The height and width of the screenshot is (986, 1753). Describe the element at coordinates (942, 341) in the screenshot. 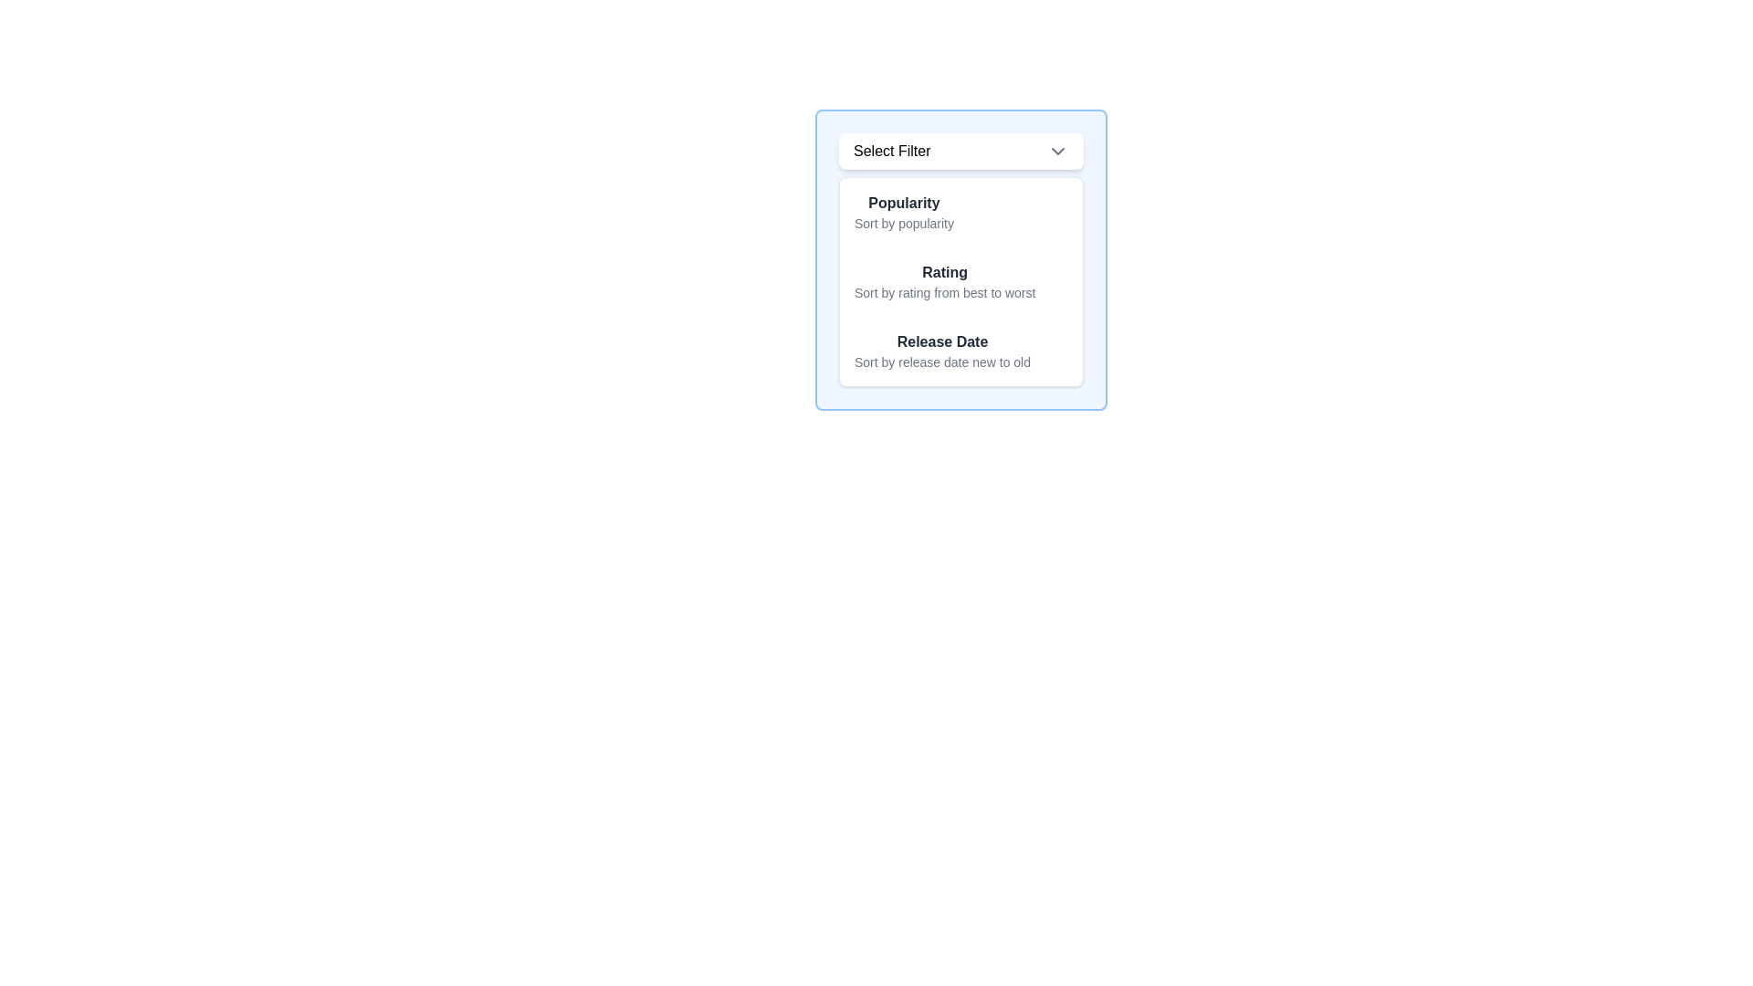

I see `the static text label that acts as a sorting option for 'Sort by release date new to old', which is the third option in the dropdown menu, positioned below 'Popularity' and 'Rating'` at that location.